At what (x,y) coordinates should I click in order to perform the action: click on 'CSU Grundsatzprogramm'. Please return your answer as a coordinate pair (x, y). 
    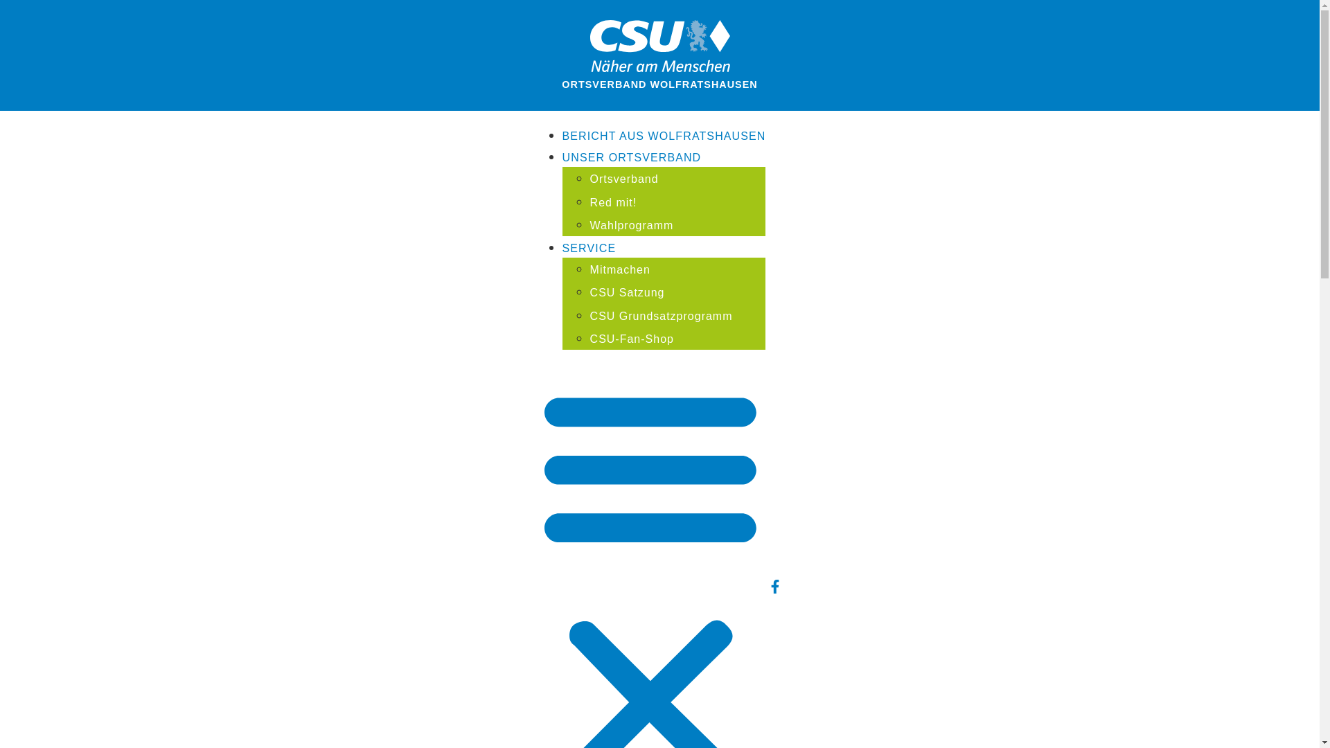
    Looking at the image, I should click on (661, 316).